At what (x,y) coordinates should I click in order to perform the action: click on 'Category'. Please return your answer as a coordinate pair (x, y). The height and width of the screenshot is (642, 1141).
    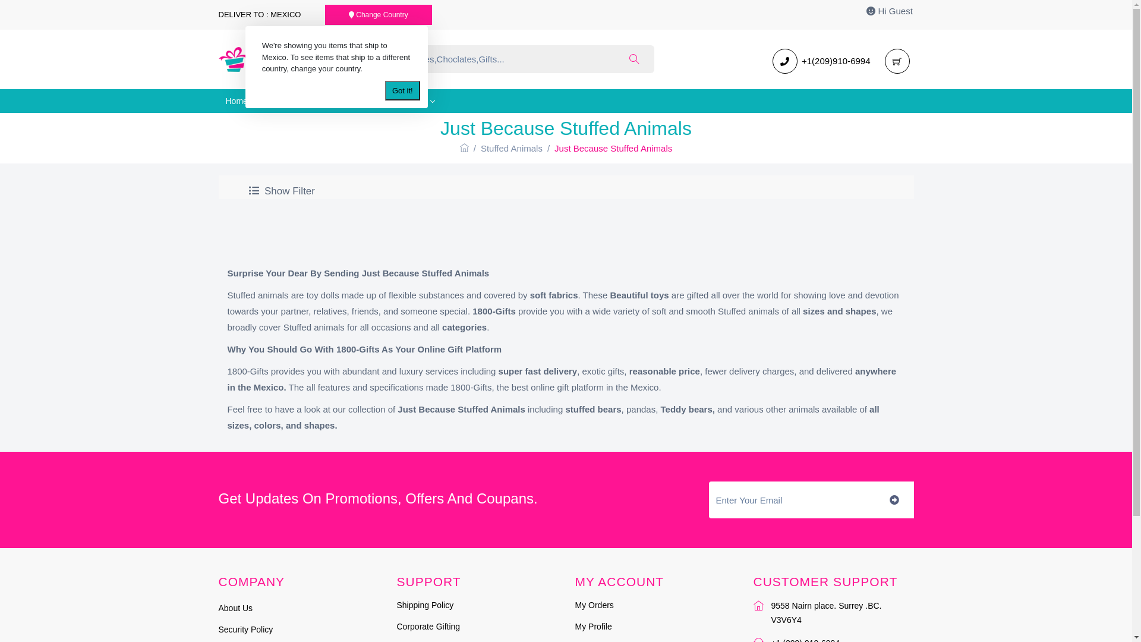
    Looking at the image, I should click on (386, 100).